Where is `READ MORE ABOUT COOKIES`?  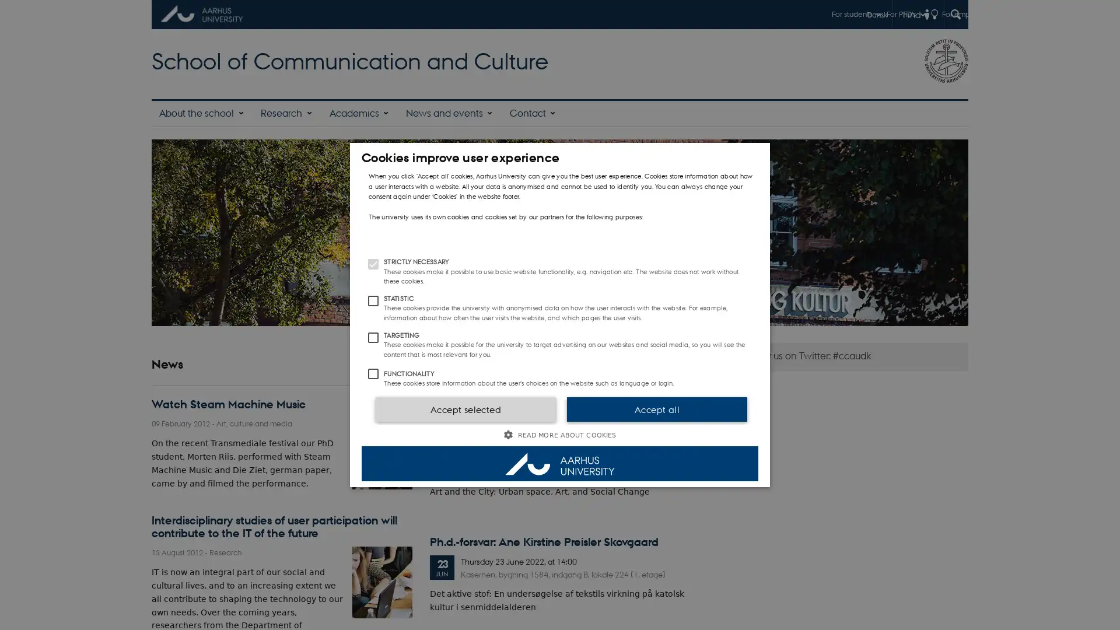
READ MORE ABOUT COOKIES is located at coordinates (560, 435).